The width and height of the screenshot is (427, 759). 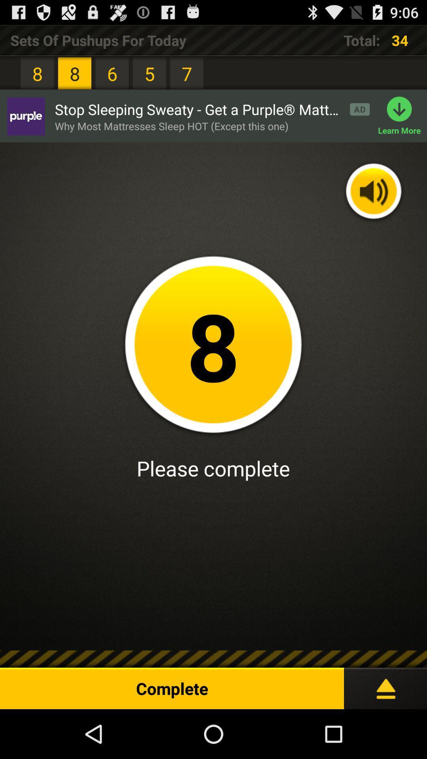 I want to click on volume up, so click(x=374, y=192).